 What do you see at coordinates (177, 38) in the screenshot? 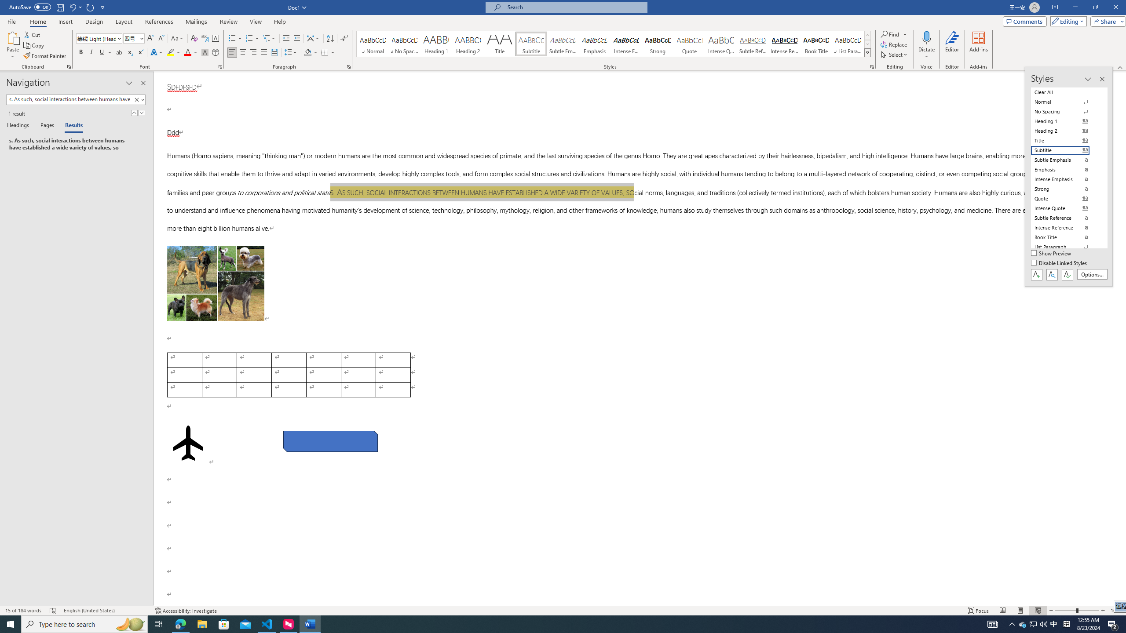
I see `'Change Case'` at bounding box center [177, 38].